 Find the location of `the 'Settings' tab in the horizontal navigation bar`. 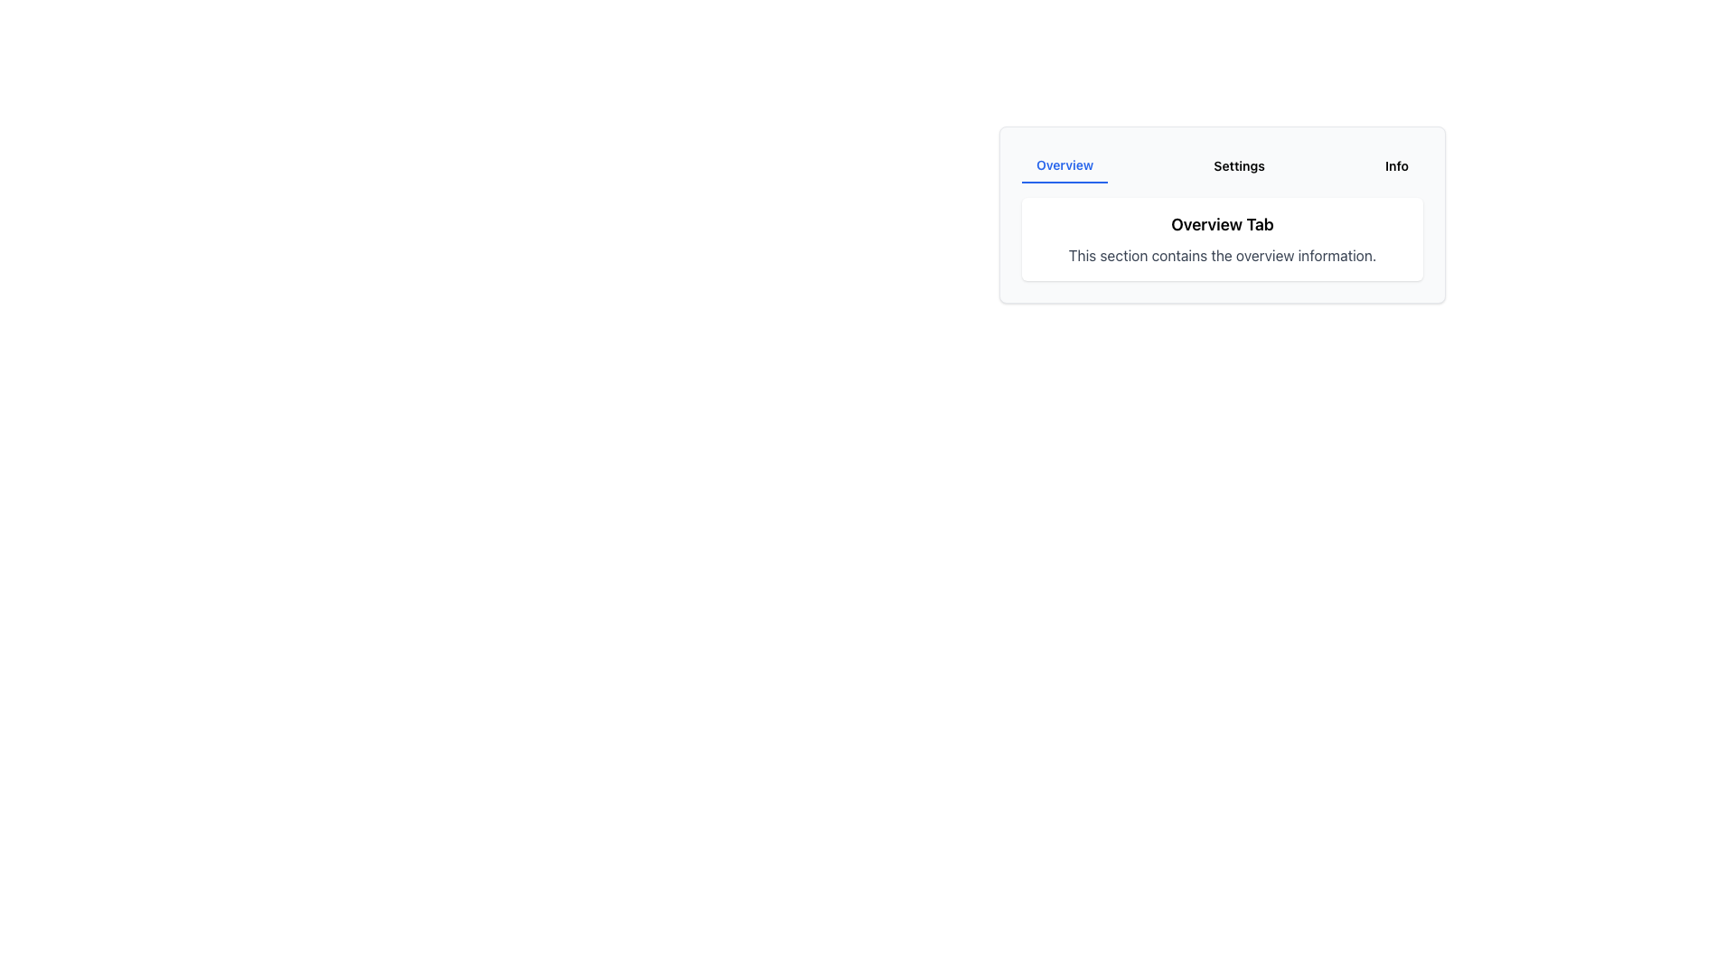

the 'Settings' tab in the horizontal navigation bar is located at coordinates (1223, 166).